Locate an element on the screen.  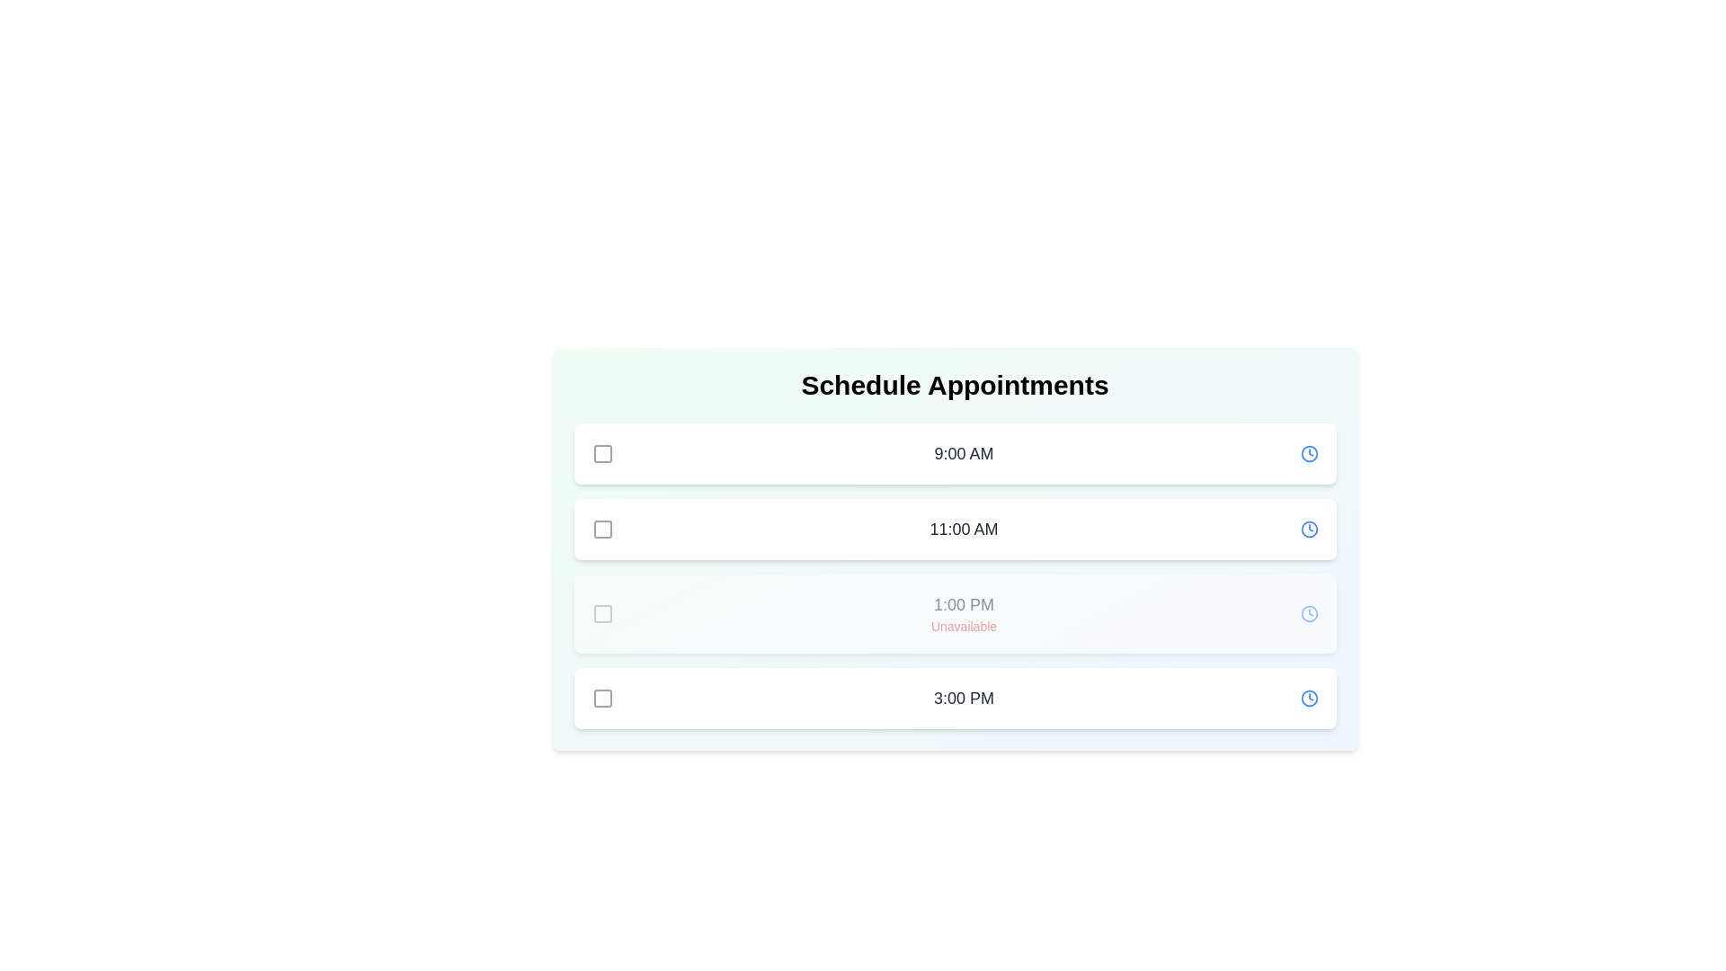
the clock icon next to the time slot 11:00 AM is located at coordinates (1309, 529).